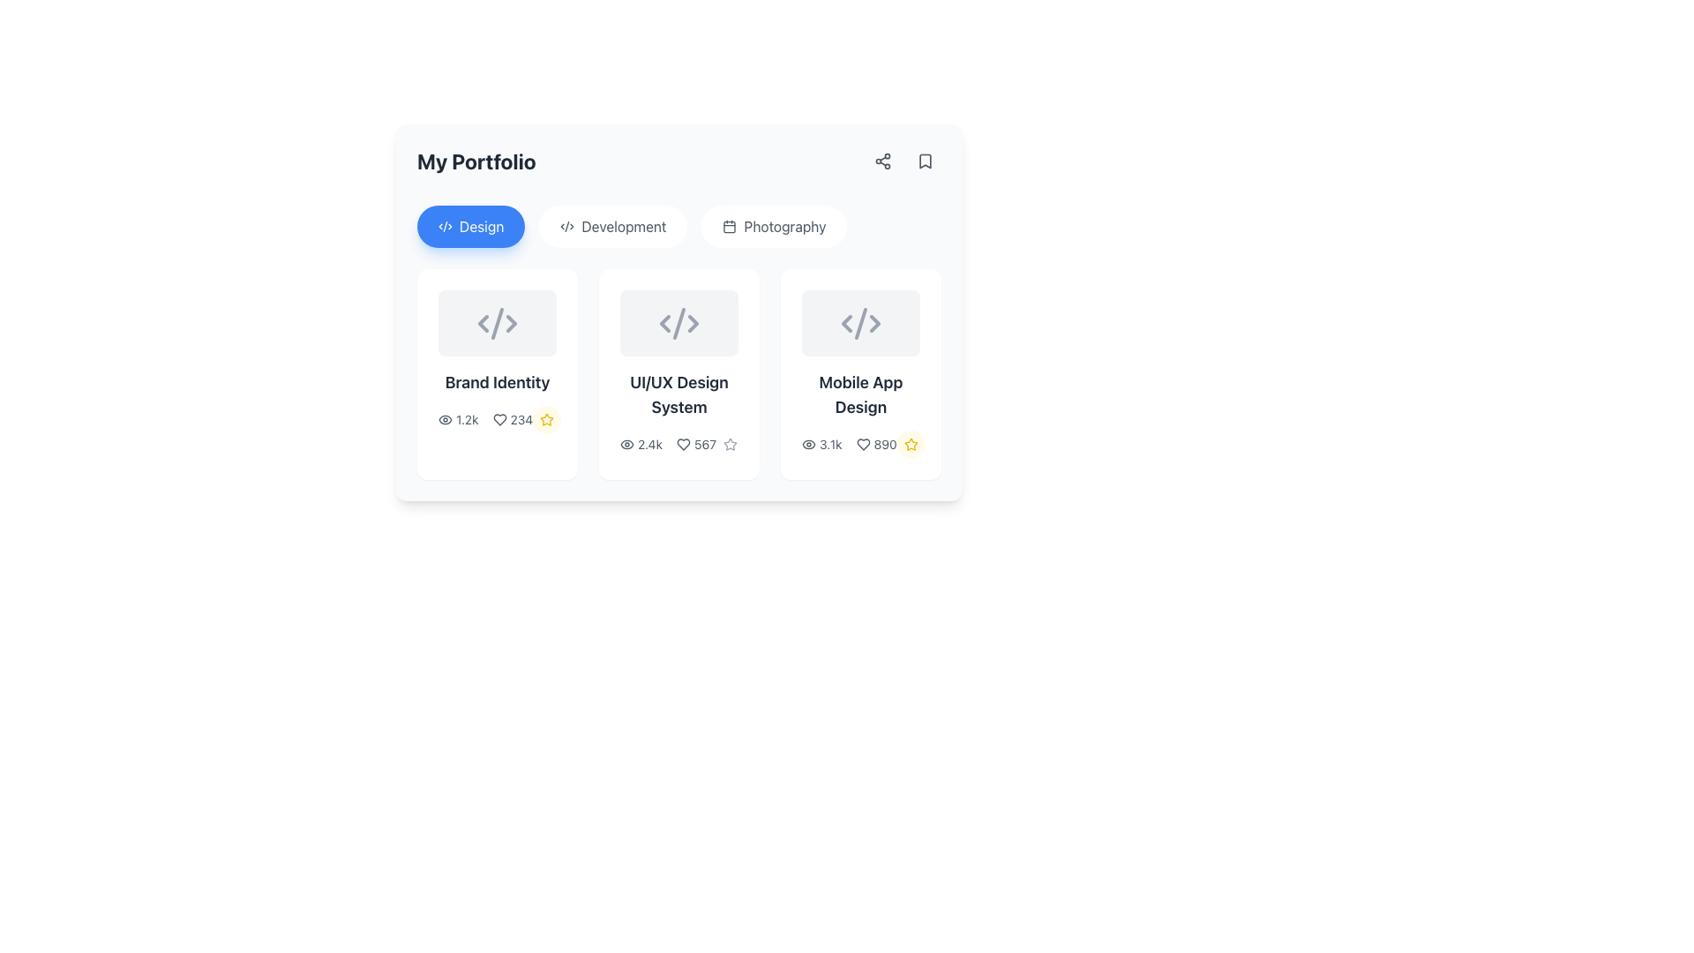 The width and height of the screenshot is (1694, 953). Describe the element at coordinates (925, 161) in the screenshot. I see `the bookmark icon located in the top-right corner of the 'My Portfolio' panel` at that location.